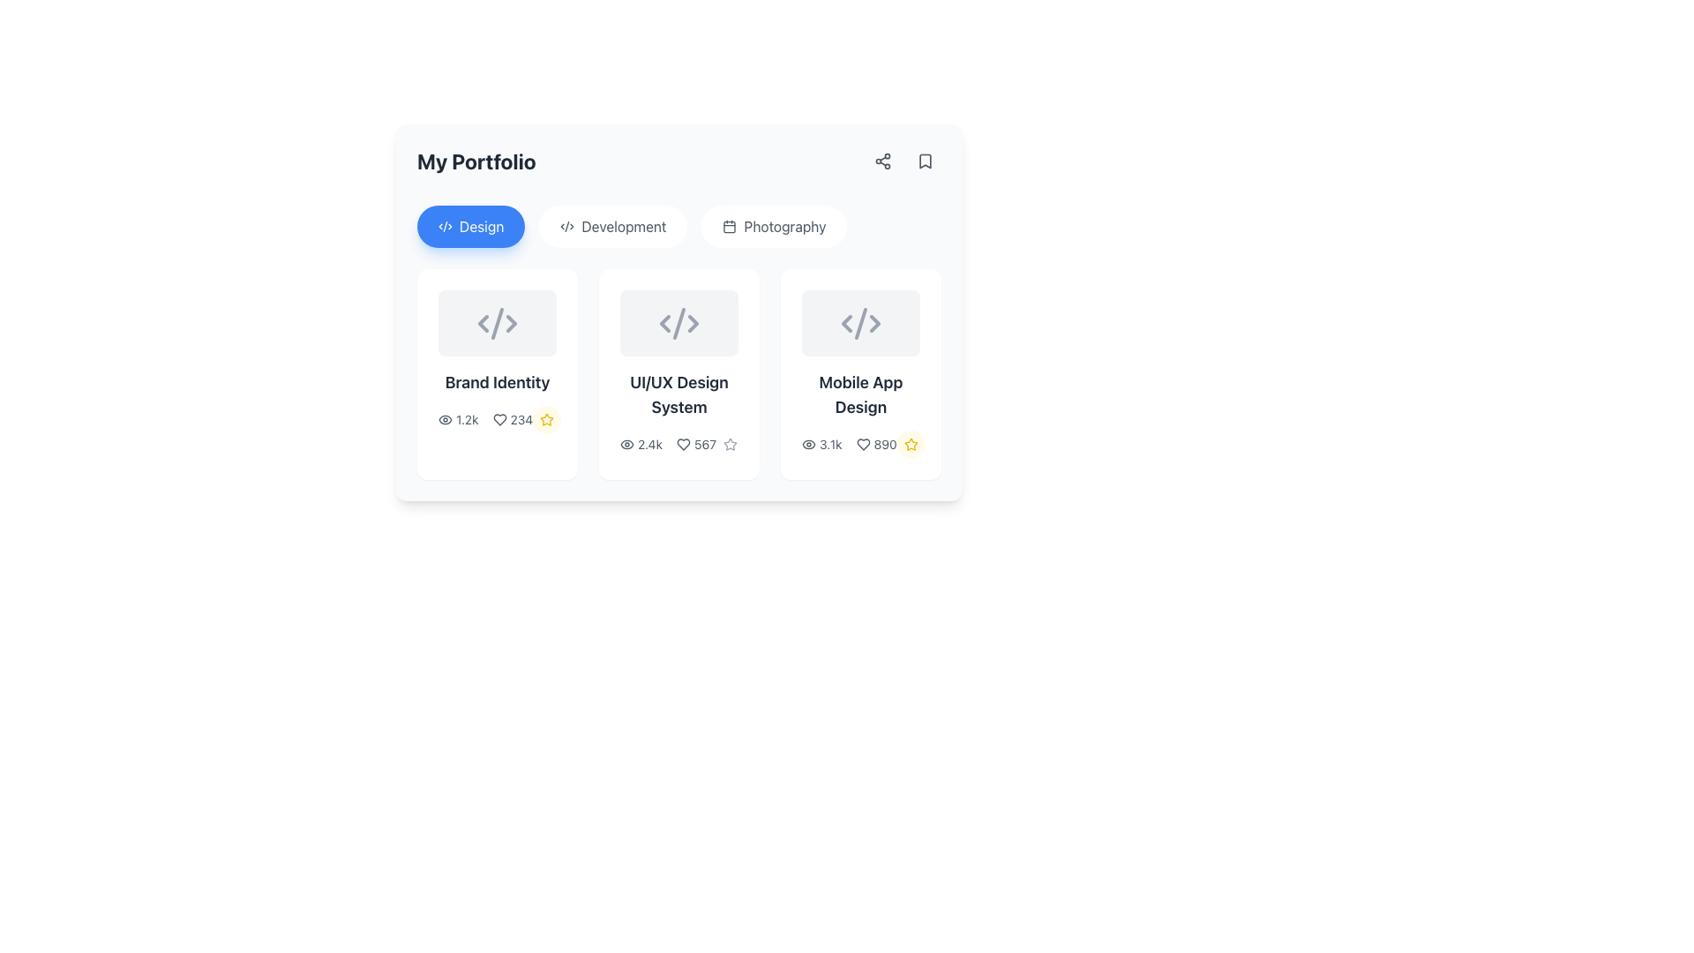 The width and height of the screenshot is (1694, 953). Describe the element at coordinates (925, 161) in the screenshot. I see `the bookmark icon located in the top-right corner of the 'My Portfolio' panel` at that location.